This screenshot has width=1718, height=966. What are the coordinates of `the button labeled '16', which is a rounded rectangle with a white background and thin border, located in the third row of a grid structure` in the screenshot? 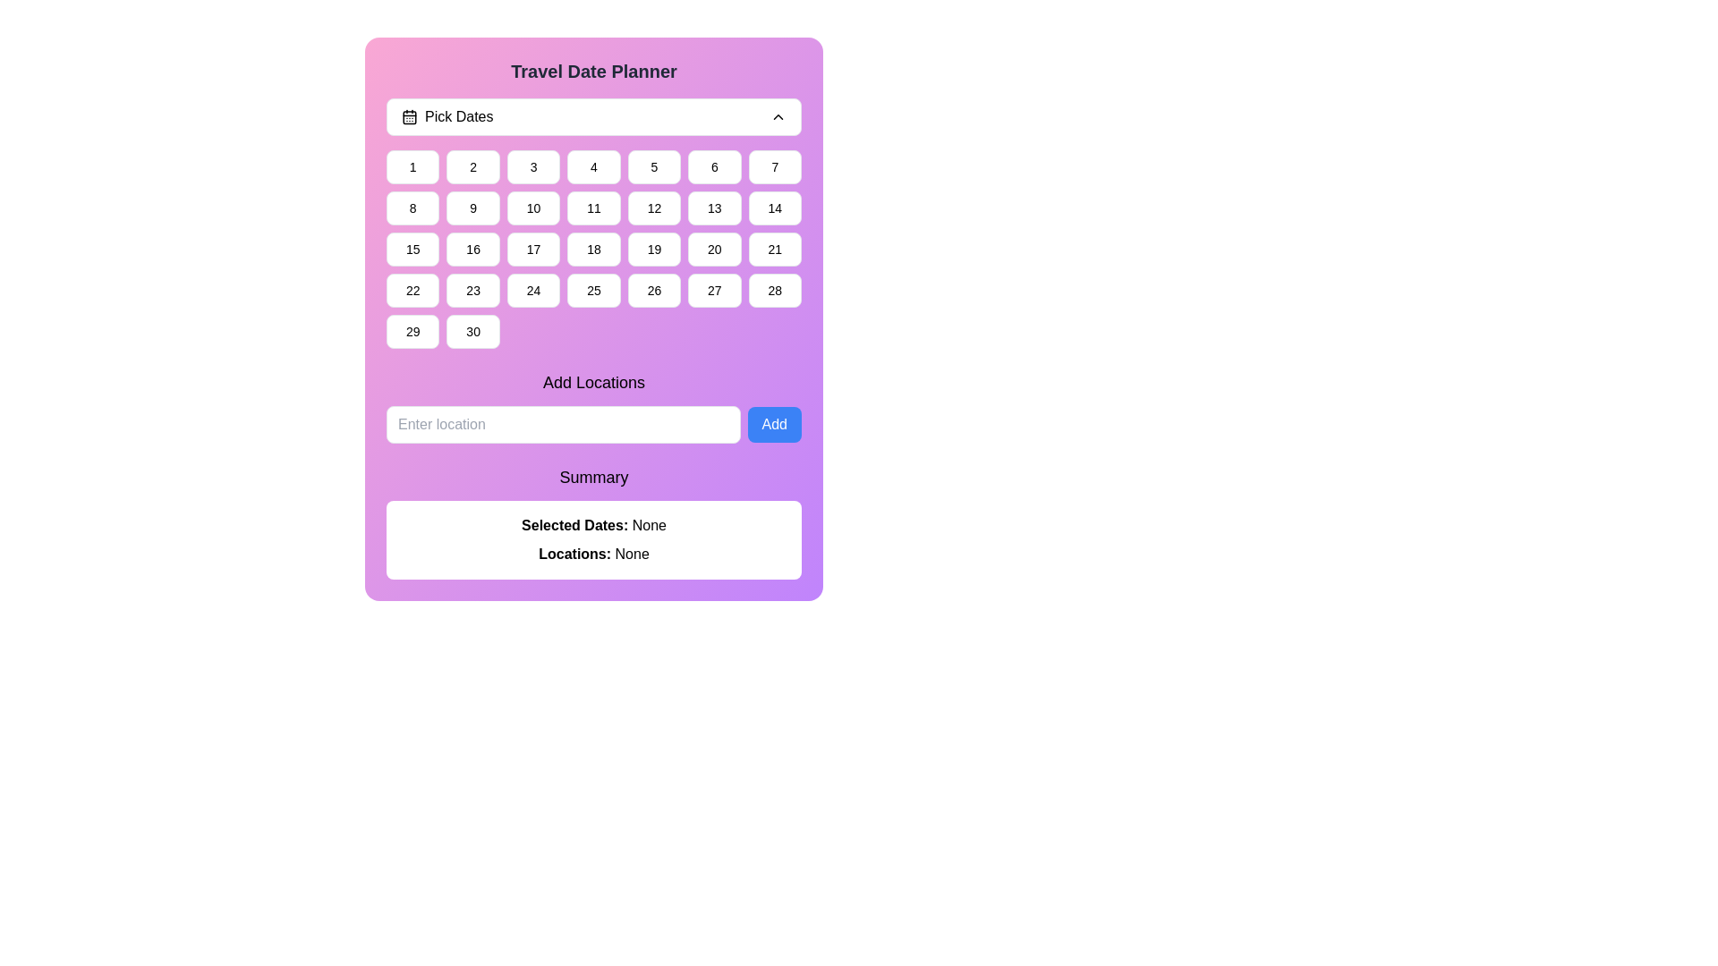 It's located at (473, 249).